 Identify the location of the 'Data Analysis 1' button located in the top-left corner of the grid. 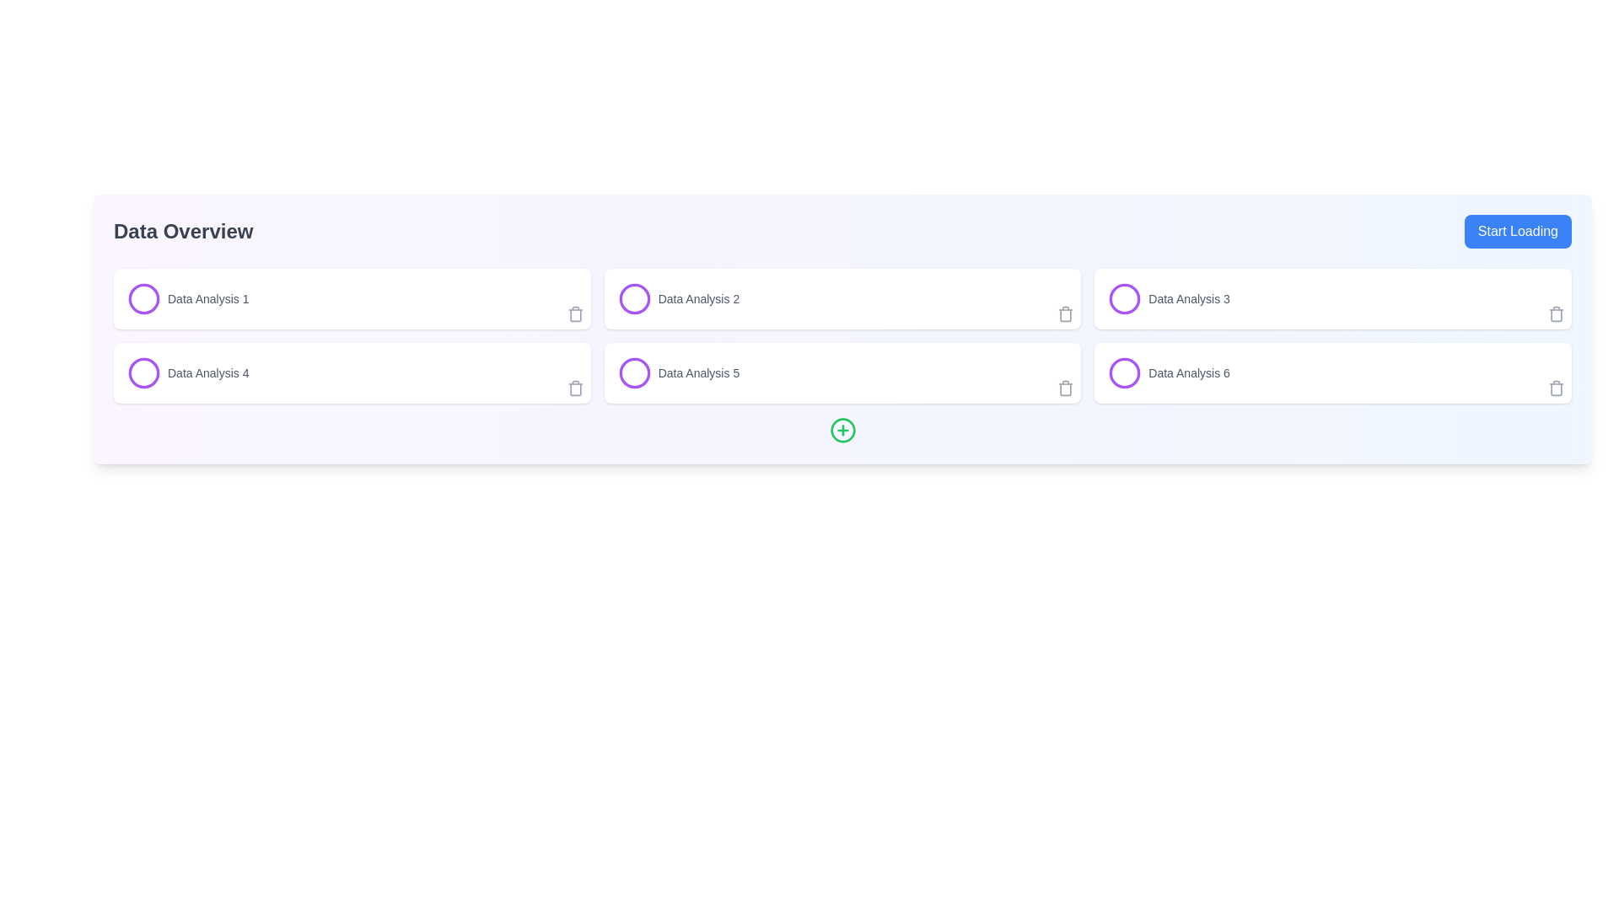
(188, 297).